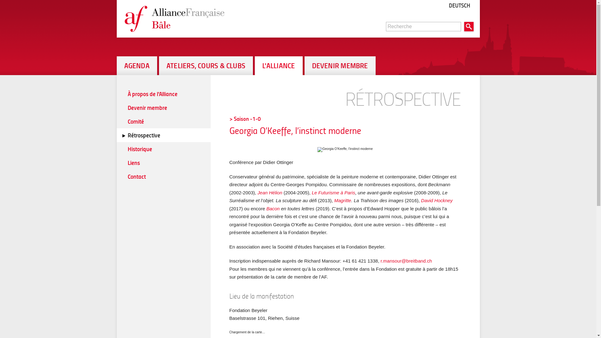 Image resolution: width=601 pixels, height=338 pixels. What do you see at coordinates (459, 5) in the screenshot?
I see `'DEUTSCH'` at bounding box center [459, 5].